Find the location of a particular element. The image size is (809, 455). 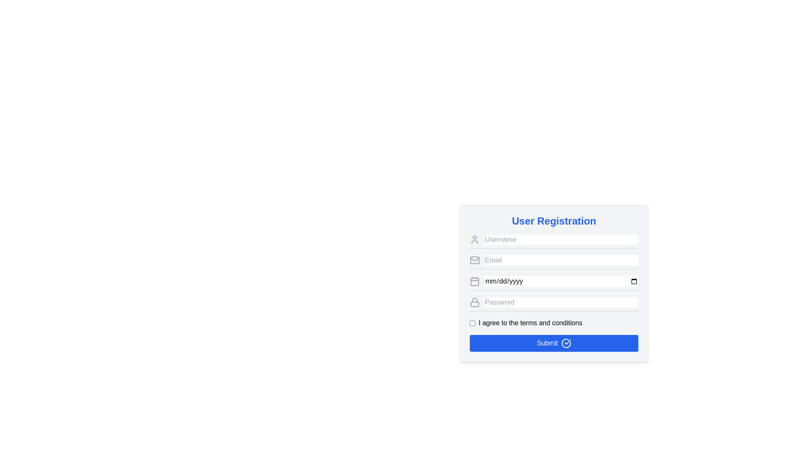

the checkbox labeled 'I agree to the terms and conditions' is located at coordinates (554, 323).